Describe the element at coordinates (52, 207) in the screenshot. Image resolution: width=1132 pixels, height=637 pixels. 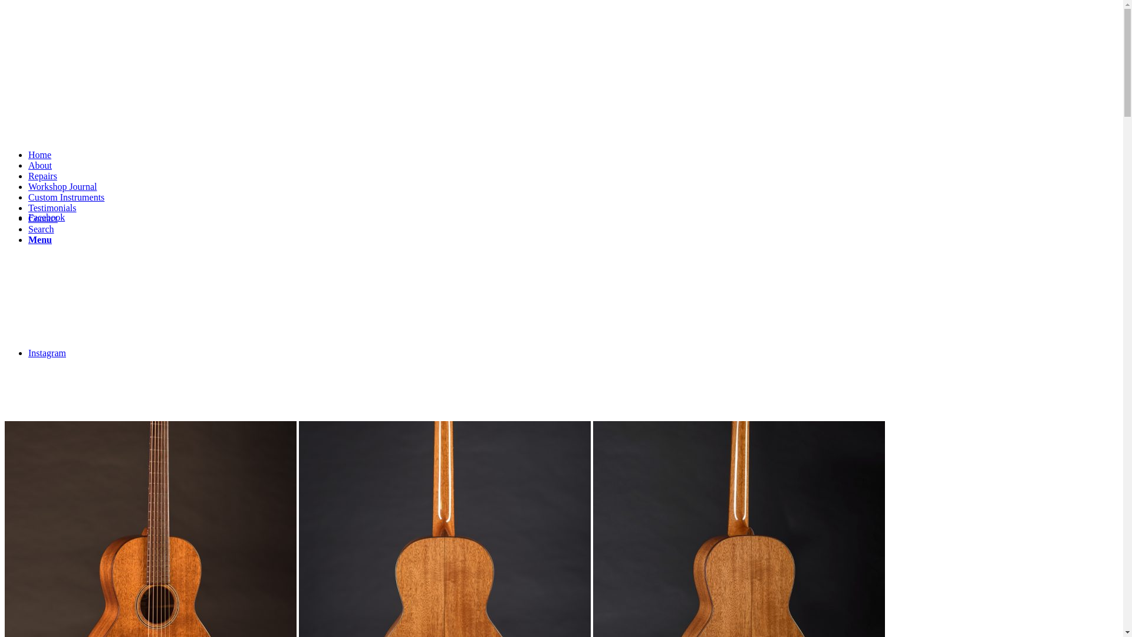
I see `'Testimonials'` at that location.